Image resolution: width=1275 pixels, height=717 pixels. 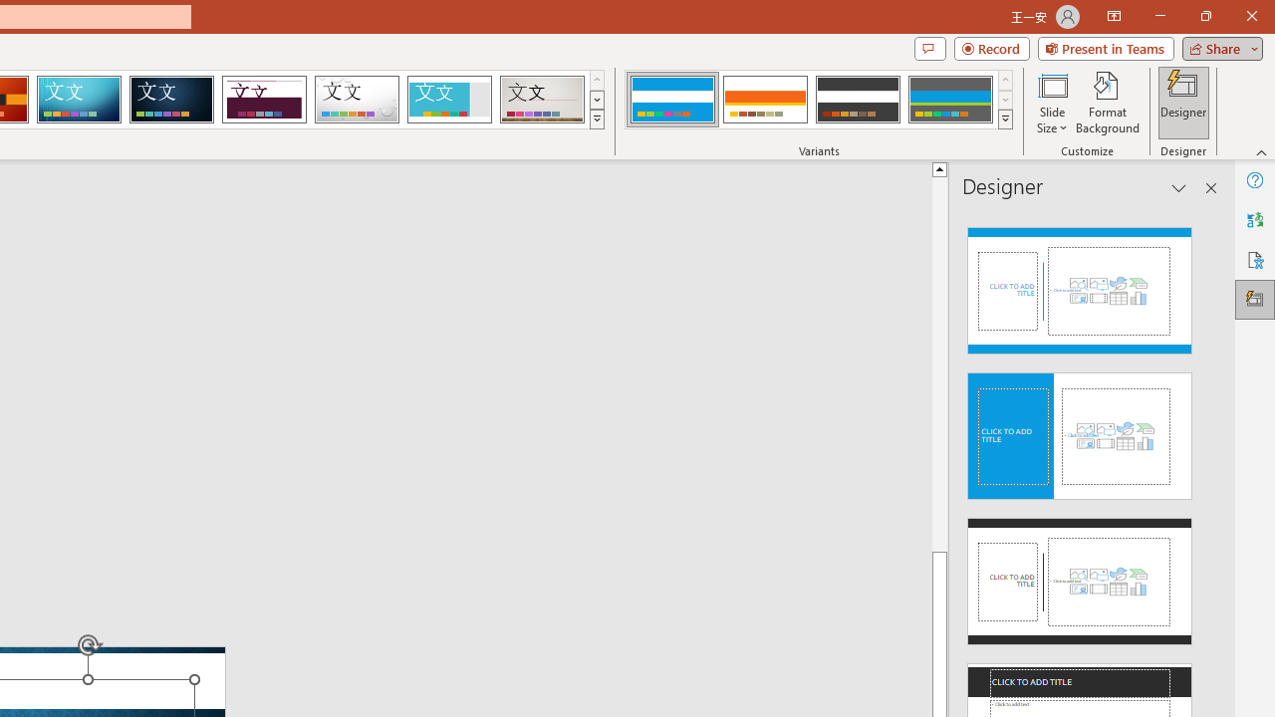 I want to click on 'Dividend', so click(x=263, y=100).